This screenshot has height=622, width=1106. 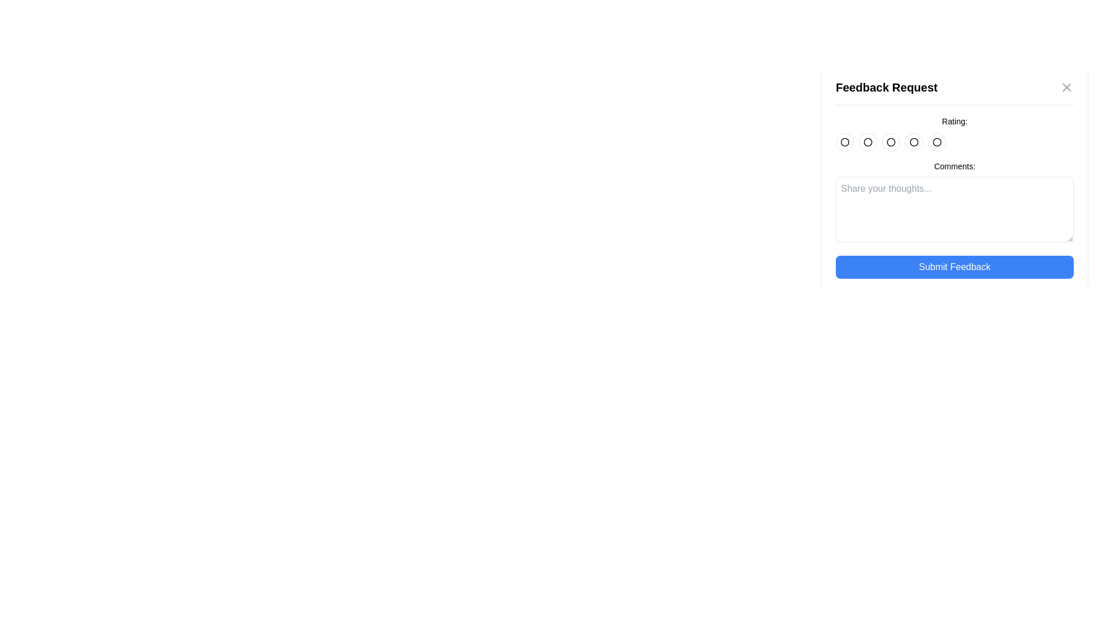 What do you see at coordinates (890, 141) in the screenshot?
I see `the third circle of the five rating icons located under the 'Rating' label in the feedback form to observe interactions` at bounding box center [890, 141].